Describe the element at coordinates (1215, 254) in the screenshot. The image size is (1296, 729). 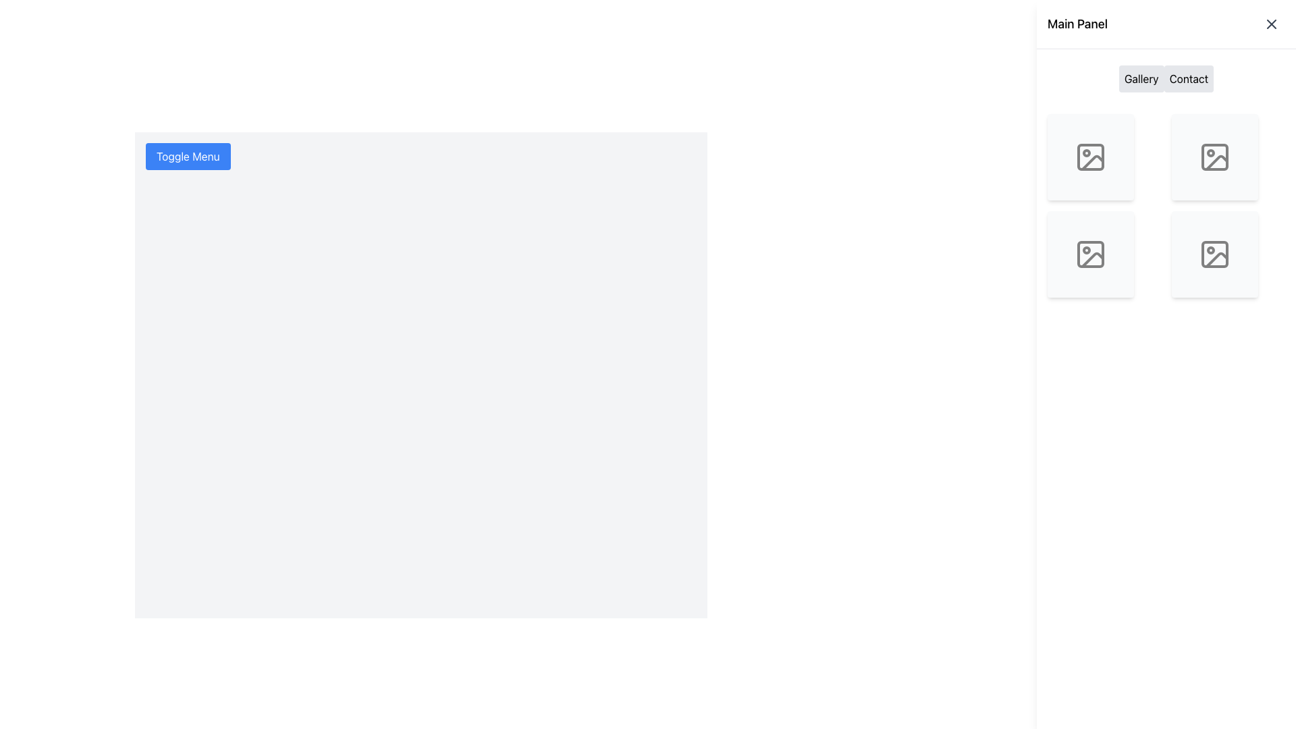
I see `the icon located in the lower-right corner of the 2x2 grid on the 'Gallery' tab of the side panel interface, which represents an image or gallery item` at that location.